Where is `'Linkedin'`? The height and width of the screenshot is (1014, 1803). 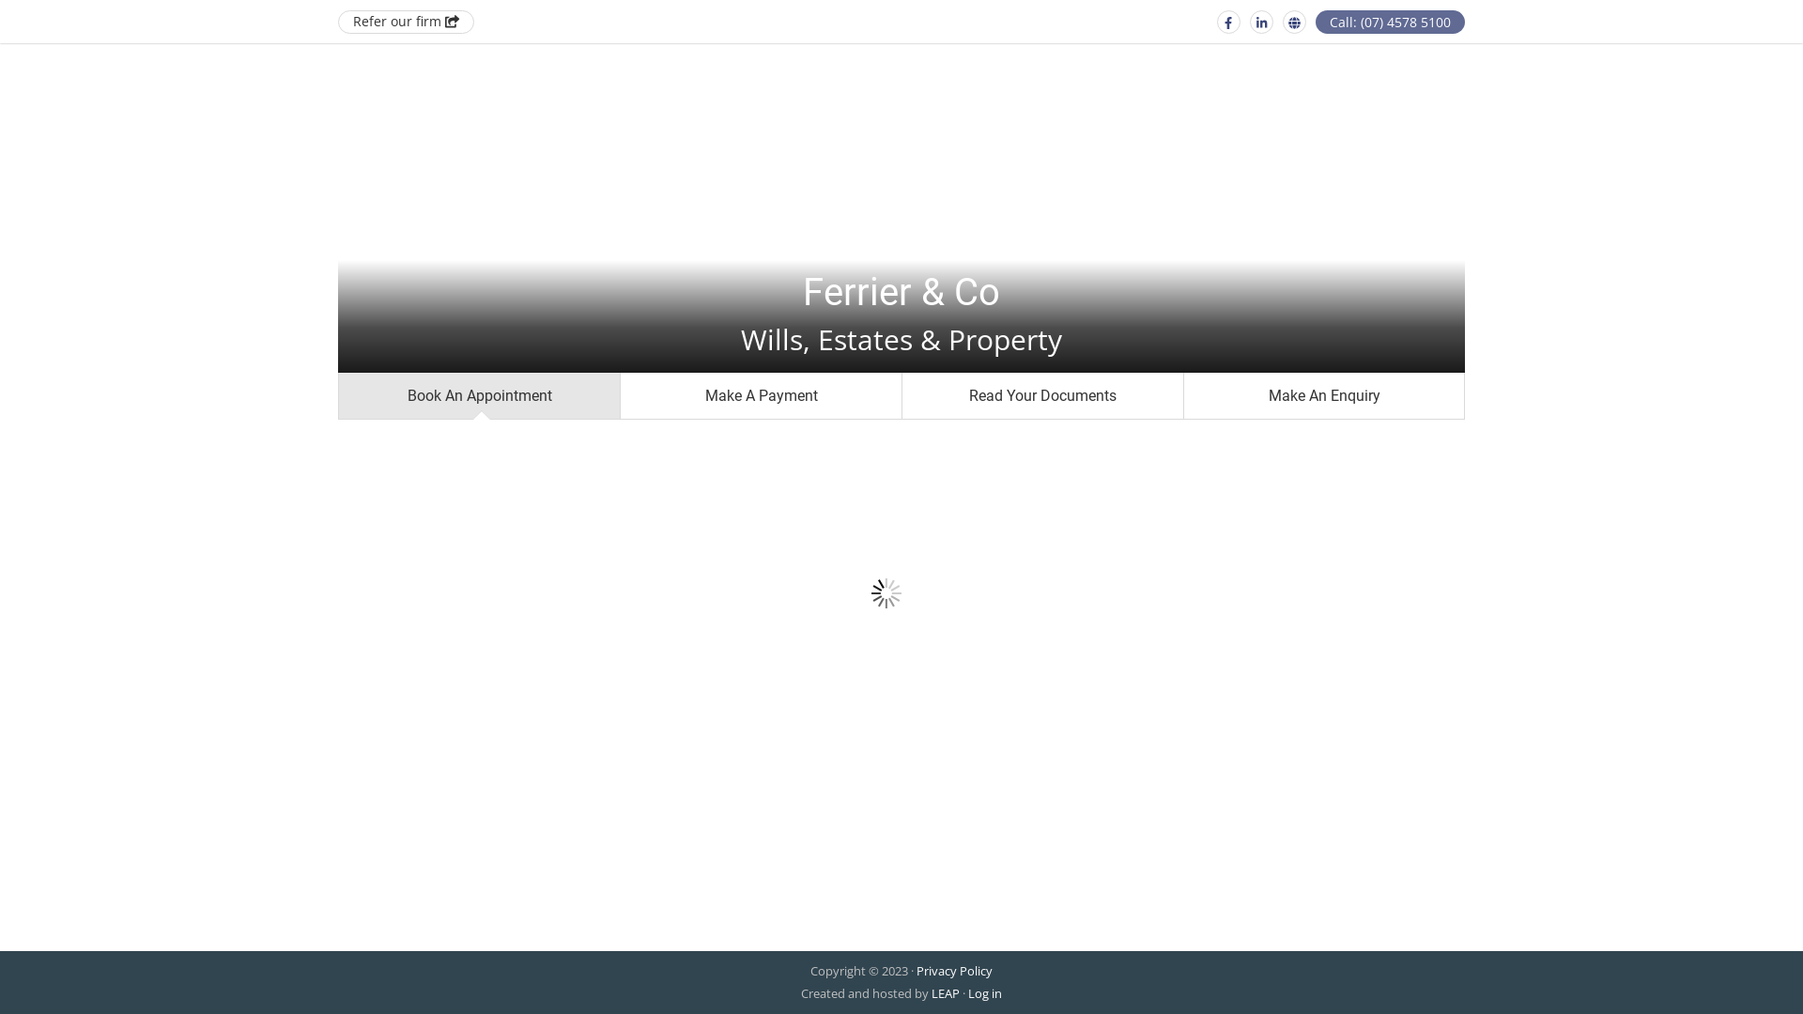
'Linkedin' is located at coordinates (1249, 22).